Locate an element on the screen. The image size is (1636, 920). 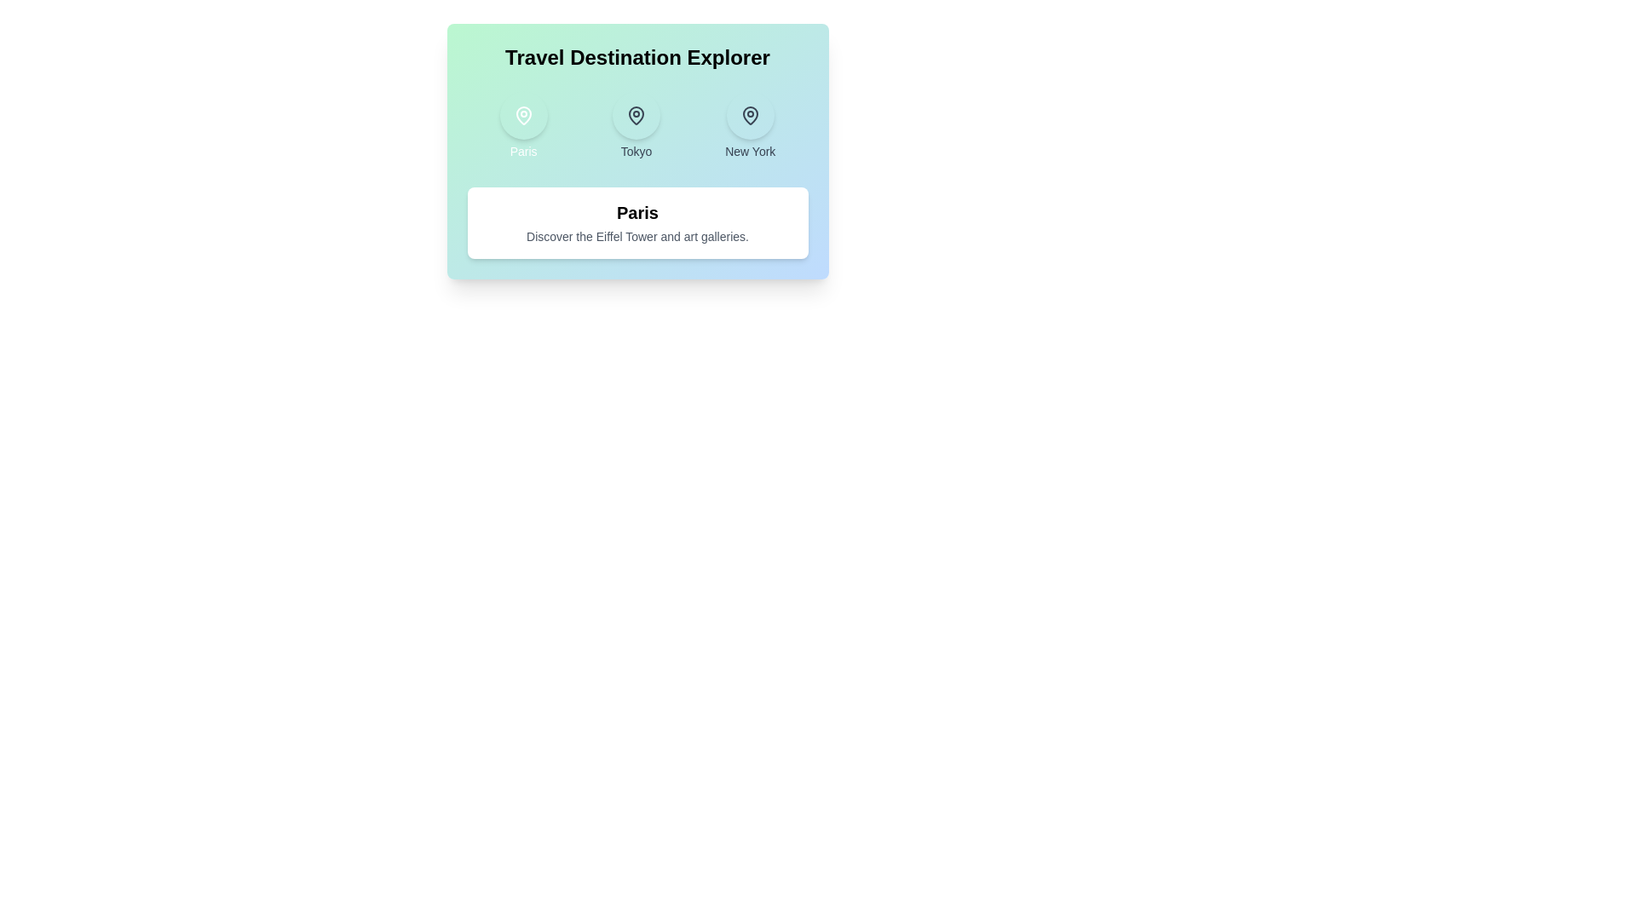
the Map Pin icon representing 'Paris', which is the first button in the row of destination options located at the top-left of the displayed options is located at coordinates (522, 115).